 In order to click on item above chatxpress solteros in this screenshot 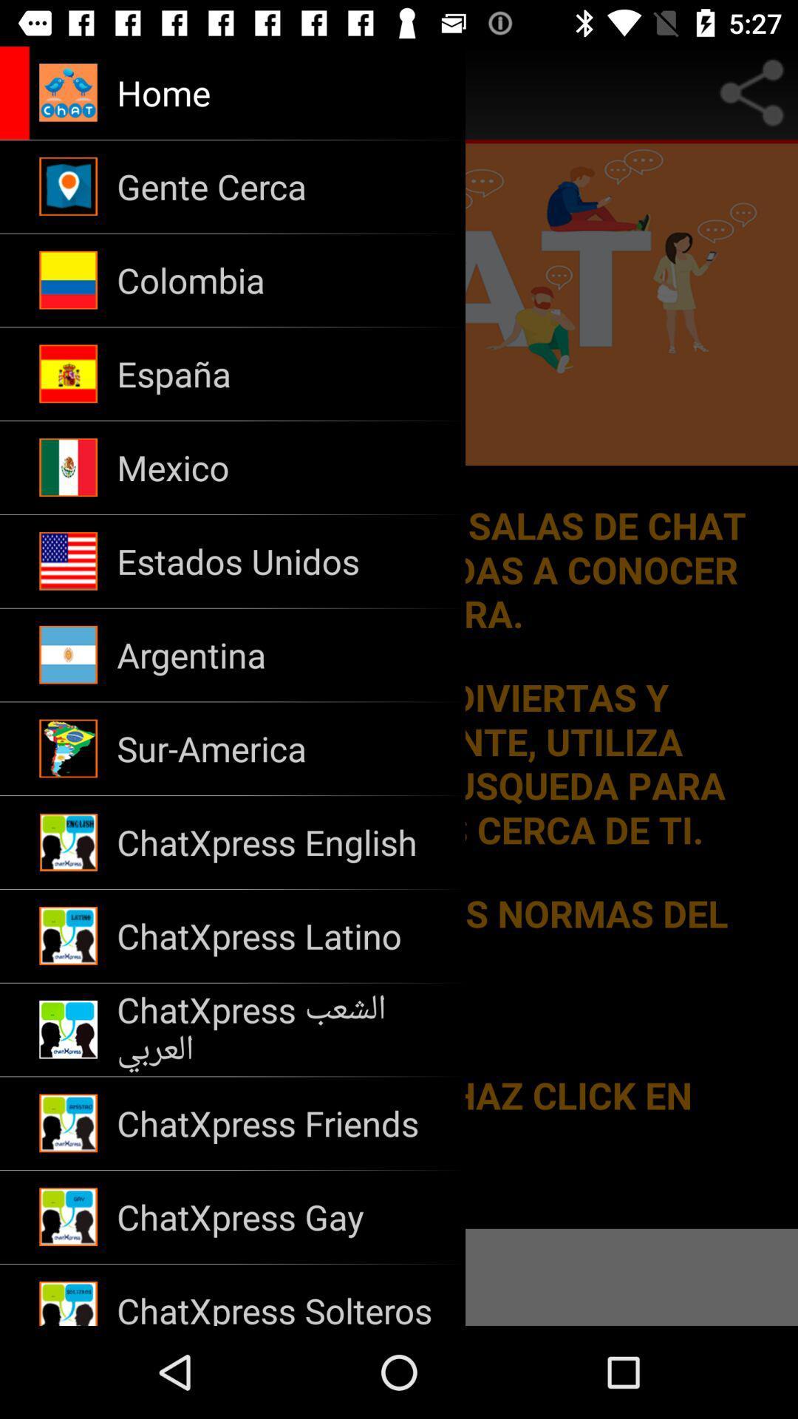, I will do `click(282, 1216)`.